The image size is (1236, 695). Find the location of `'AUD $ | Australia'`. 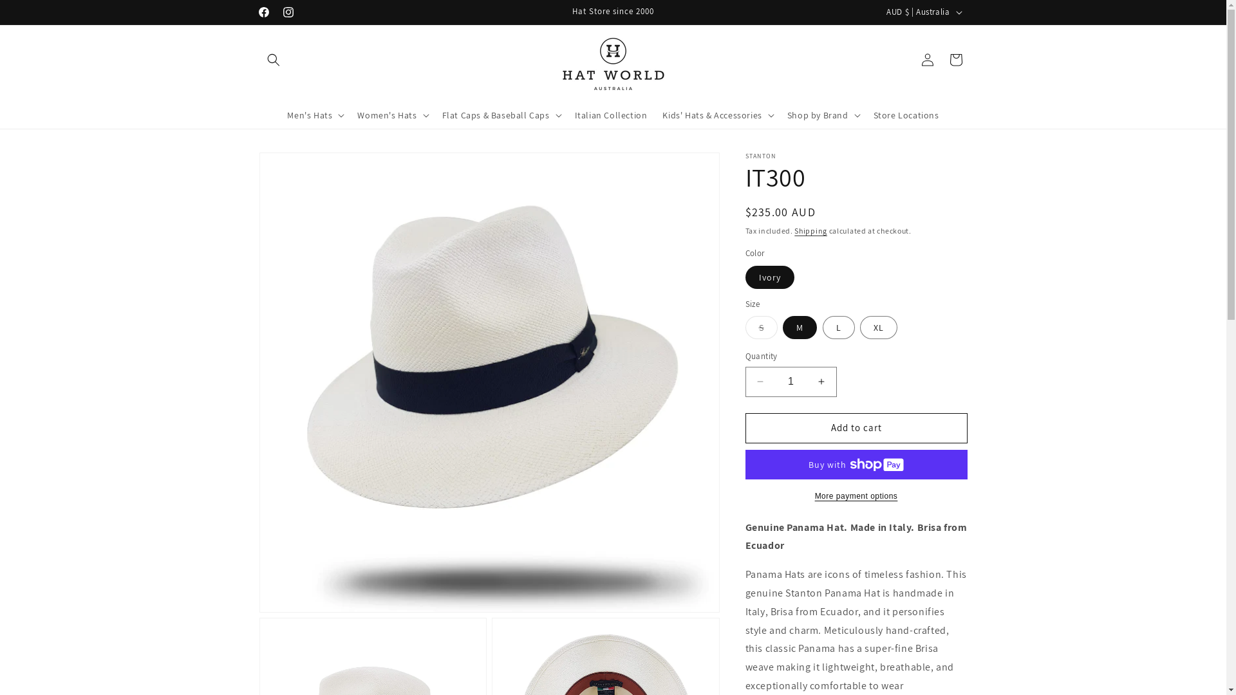

'AUD $ | Australia' is located at coordinates (922, 12).